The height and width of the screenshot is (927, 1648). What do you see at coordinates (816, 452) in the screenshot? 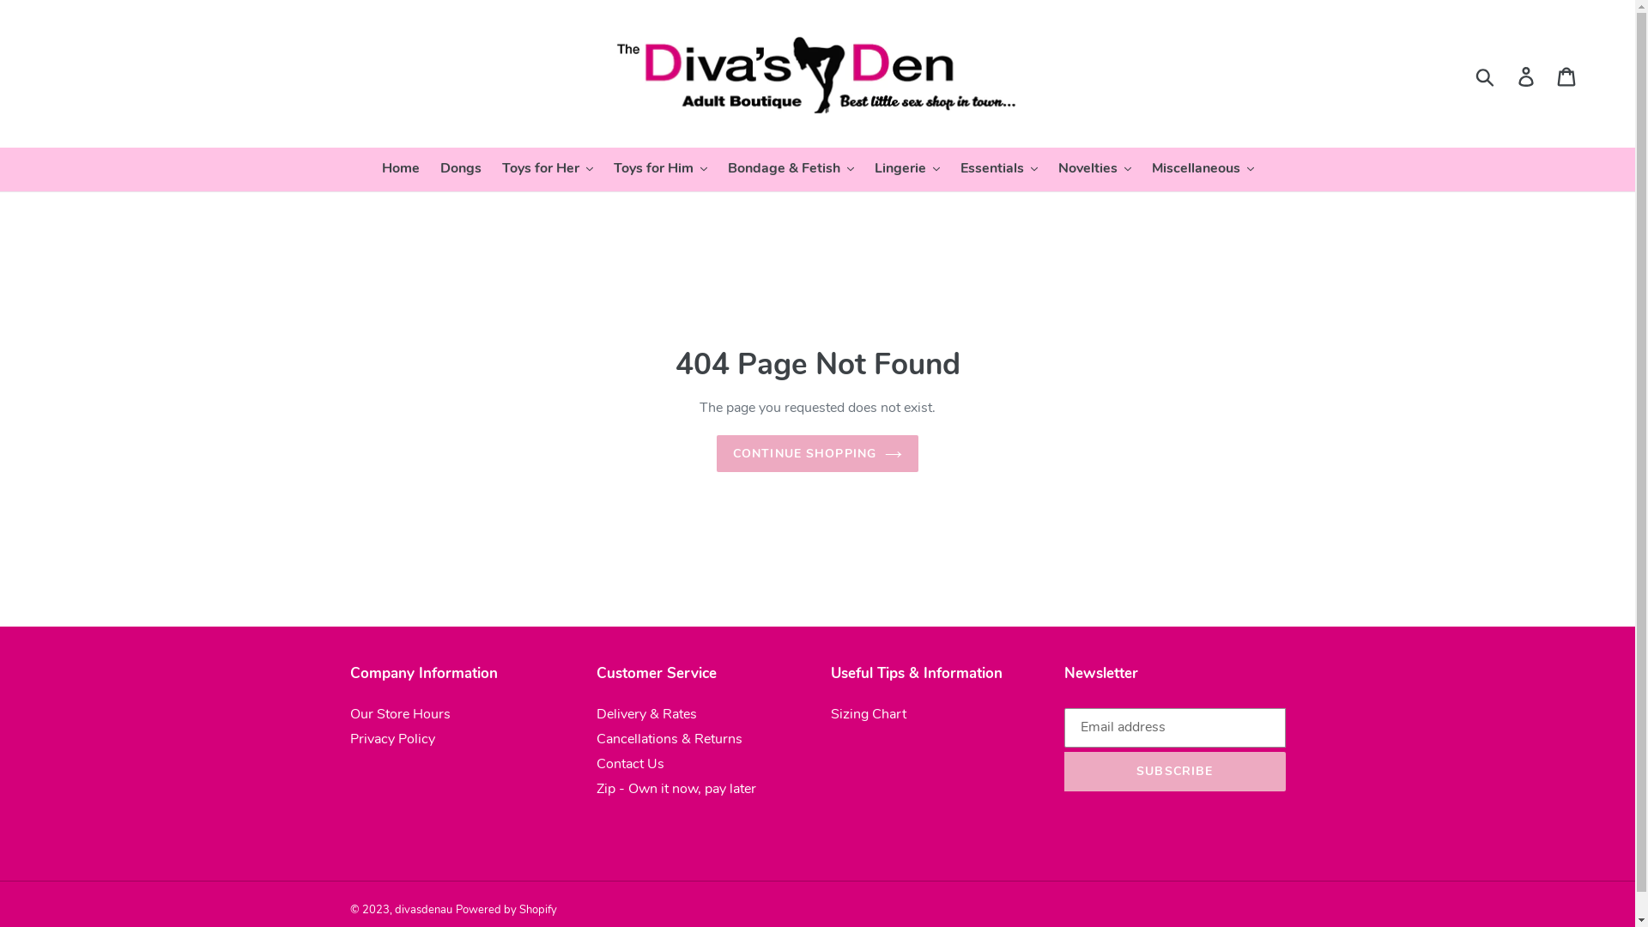
I see `'CONTINUE SHOPPING'` at bounding box center [816, 452].